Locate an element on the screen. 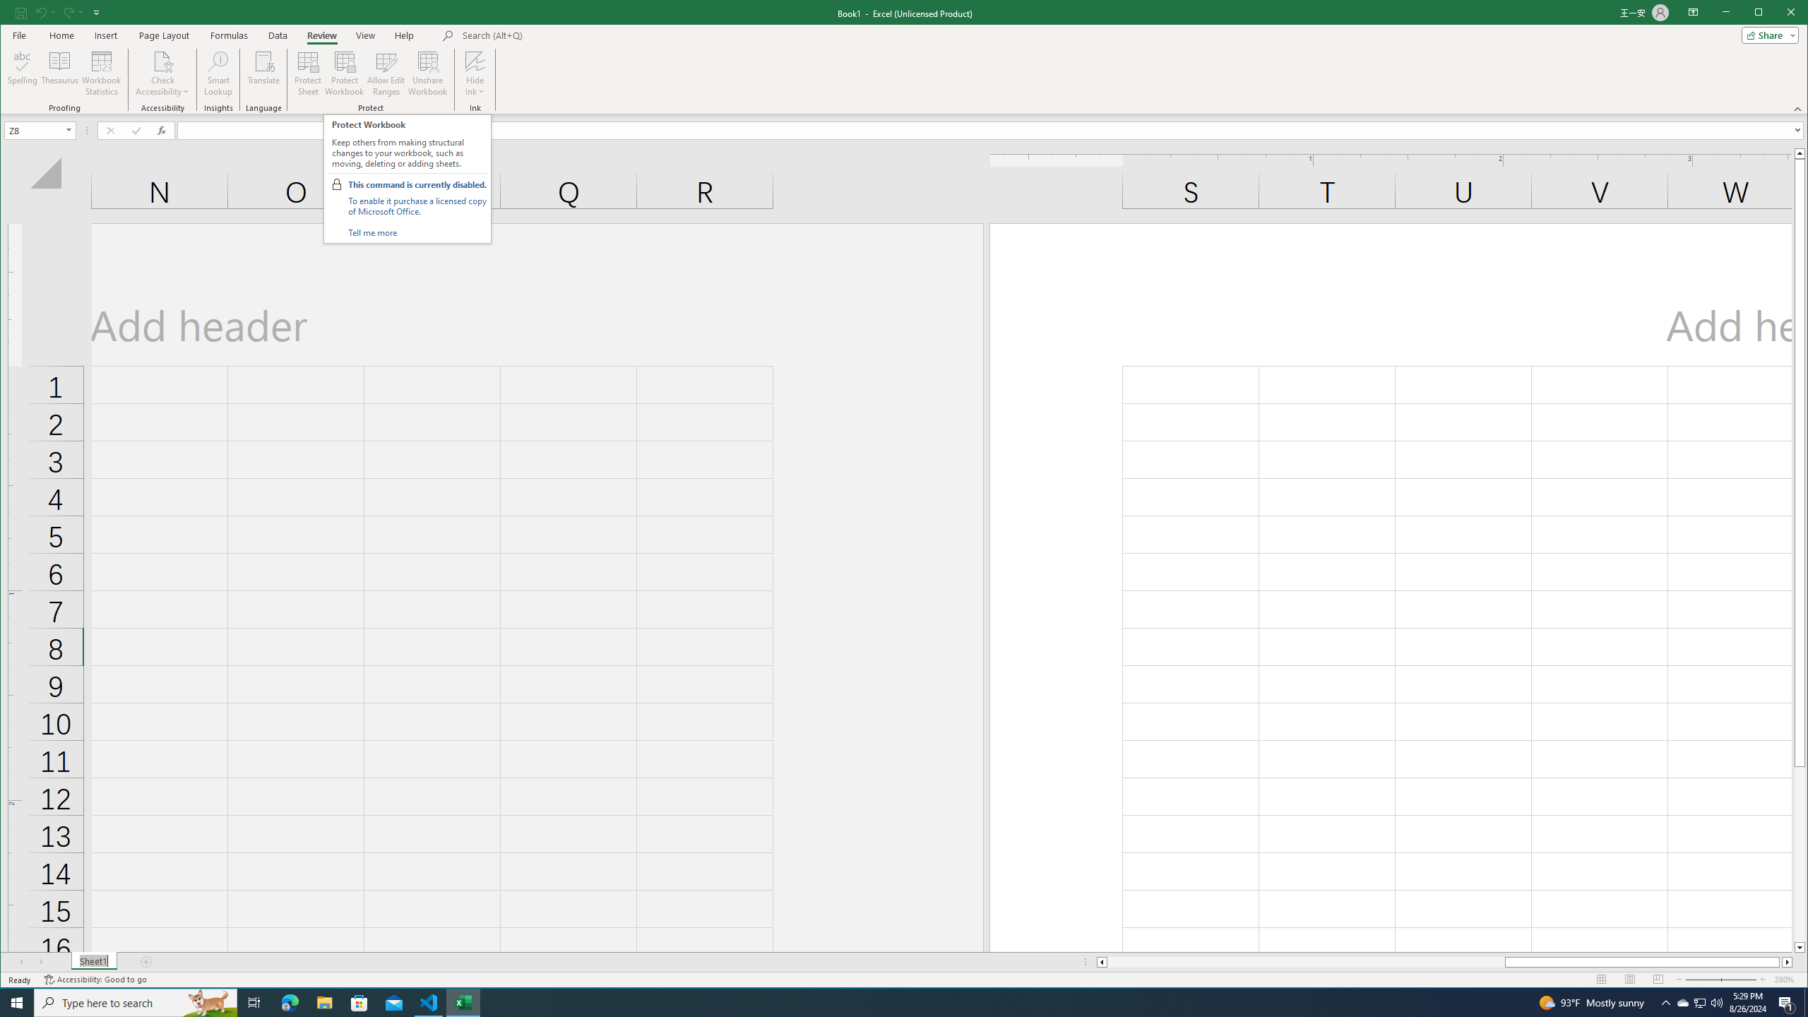  'File Explorer' is located at coordinates (323, 1001).